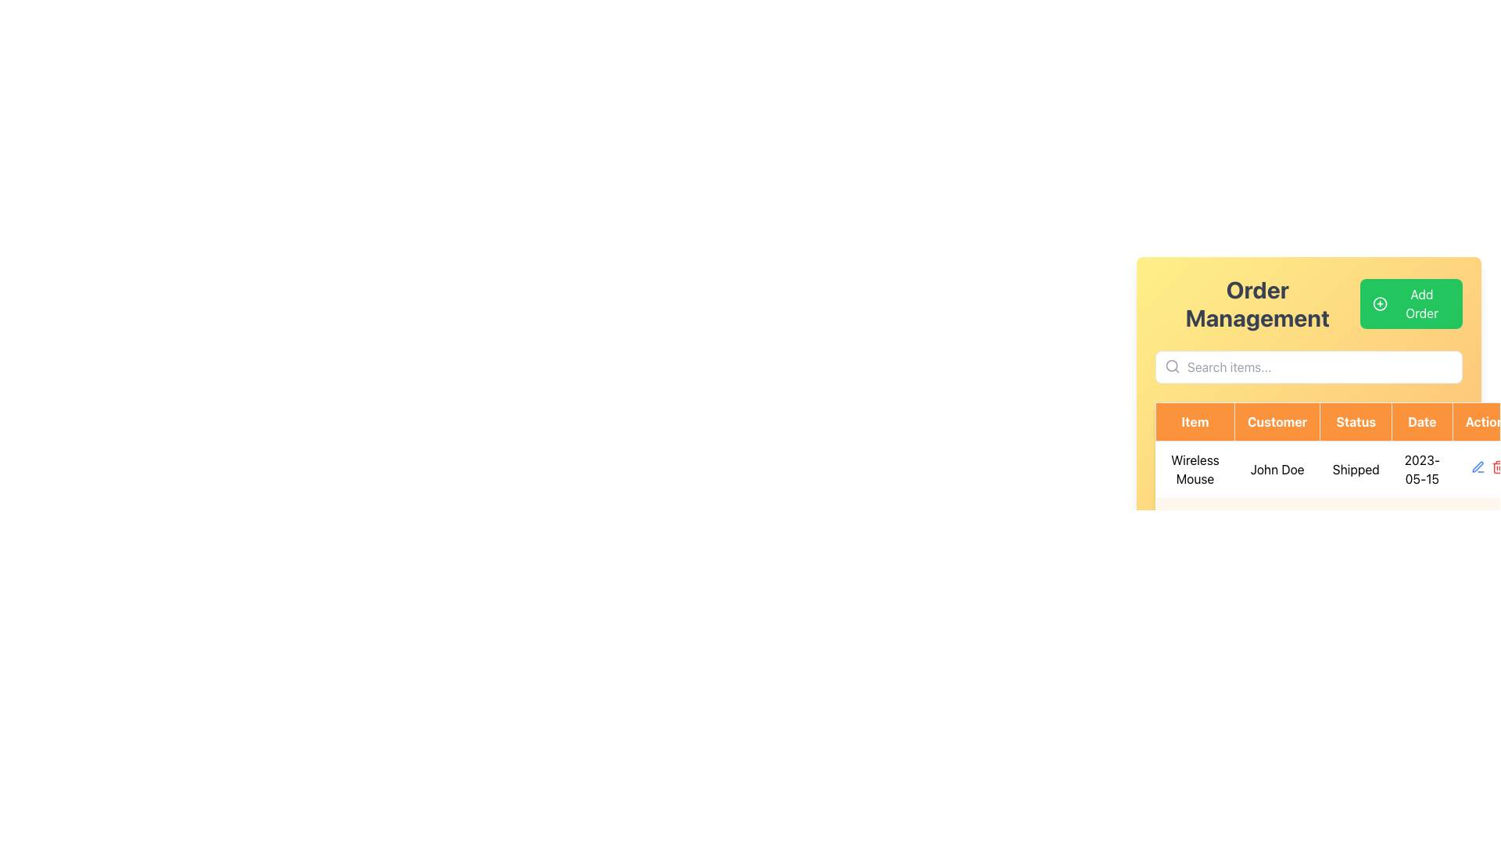  I want to click on the small circle within the search icon located in the top-left corner of the search bar in the 'Order Management' interface, so click(1172, 366).